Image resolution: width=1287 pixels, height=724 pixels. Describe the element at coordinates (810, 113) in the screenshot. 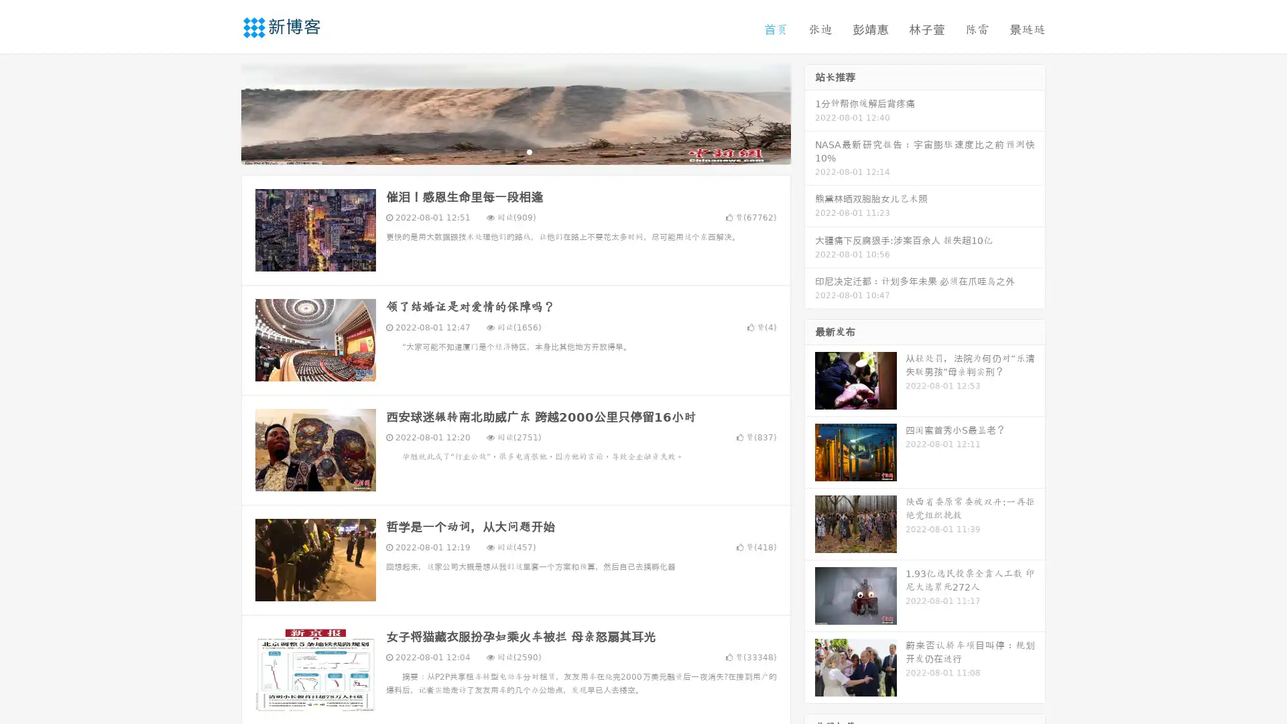

I see `Next slide` at that location.